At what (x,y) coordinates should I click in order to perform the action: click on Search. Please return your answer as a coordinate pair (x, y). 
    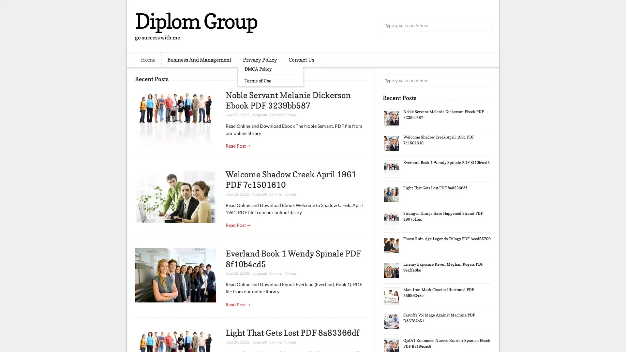
    Looking at the image, I should click on (484, 81).